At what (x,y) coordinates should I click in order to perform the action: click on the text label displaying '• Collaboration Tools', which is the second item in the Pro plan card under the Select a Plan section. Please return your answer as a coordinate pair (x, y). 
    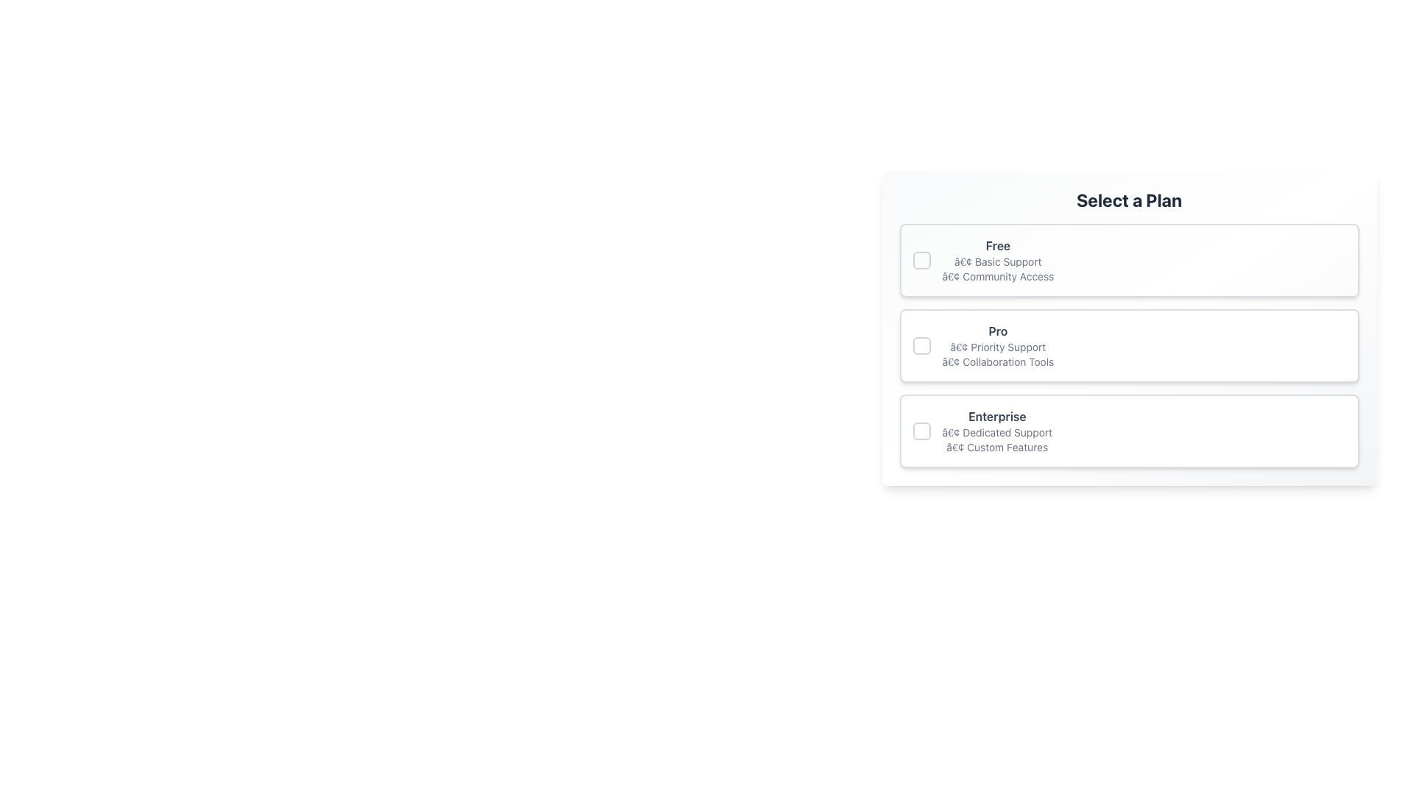
    Looking at the image, I should click on (998, 362).